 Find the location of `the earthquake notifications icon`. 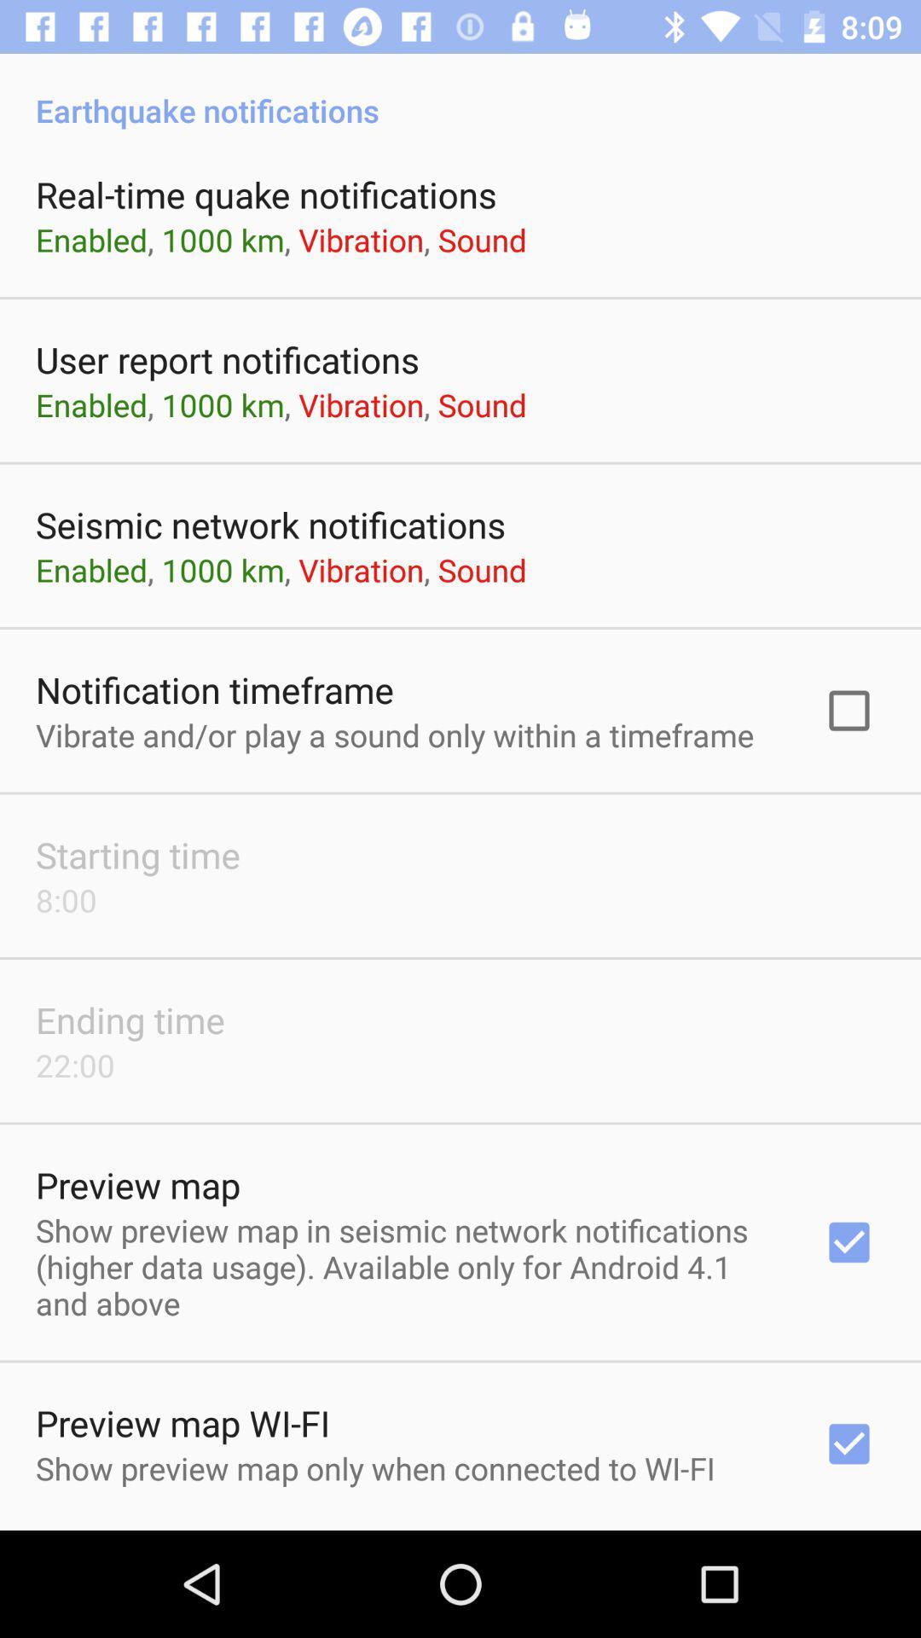

the earthquake notifications icon is located at coordinates (460, 91).